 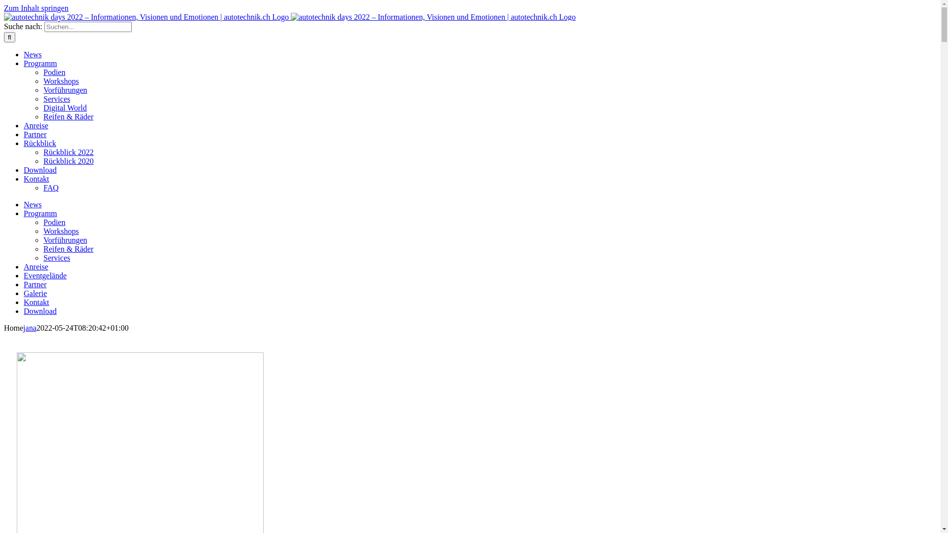 I want to click on 'Services', so click(x=56, y=257).